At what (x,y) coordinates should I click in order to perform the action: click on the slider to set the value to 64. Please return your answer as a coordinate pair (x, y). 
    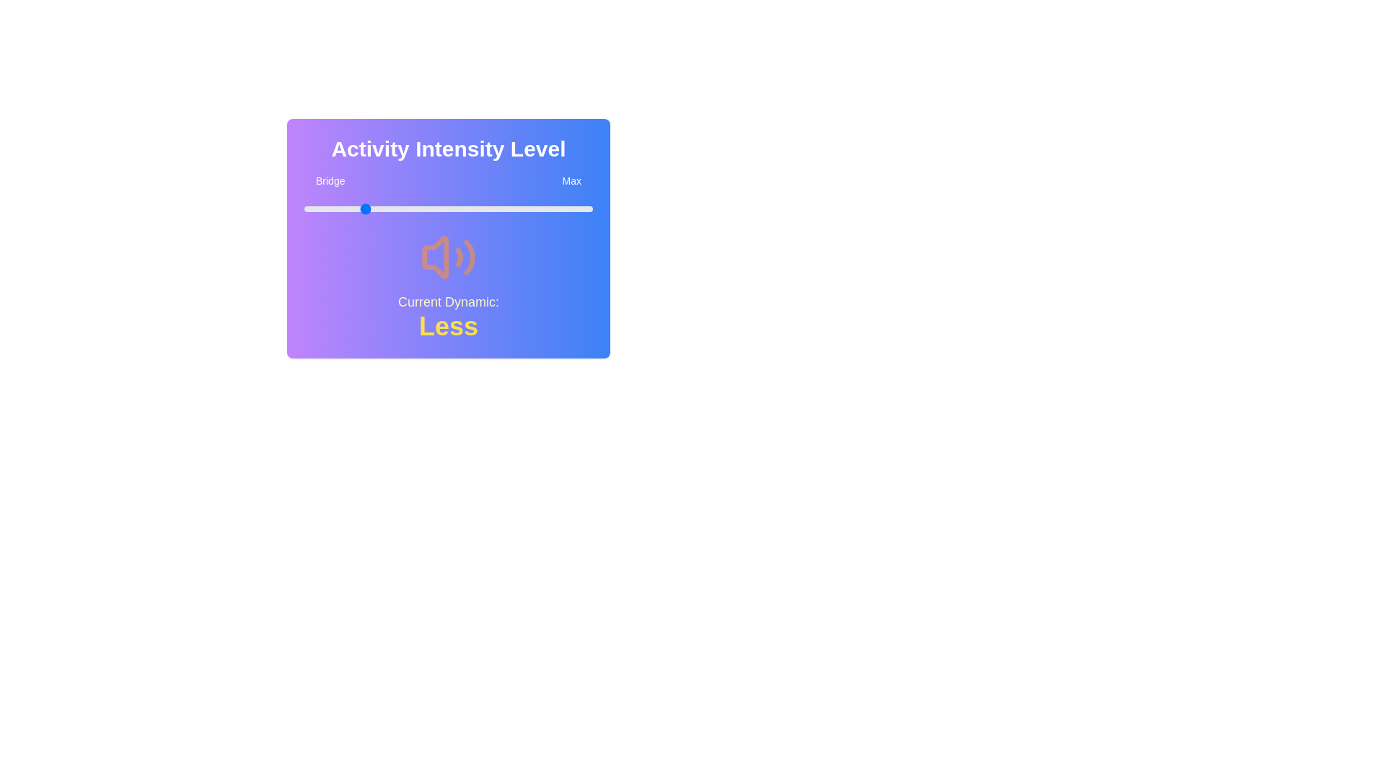
    Looking at the image, I should click on (488, 208).